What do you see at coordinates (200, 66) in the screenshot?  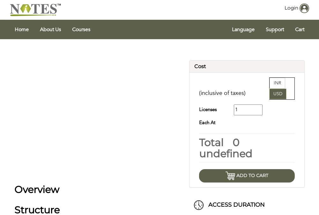 I see `'Cost'` at bounding box center [200, 66].